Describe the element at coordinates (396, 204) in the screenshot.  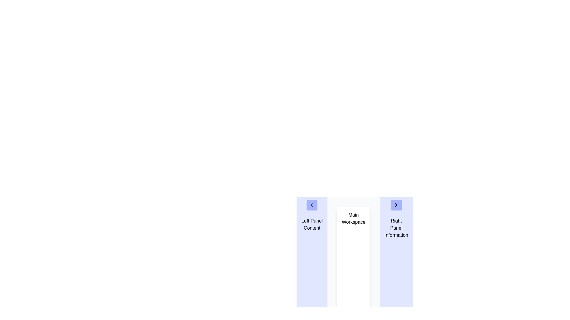
I see `the right arrow icon located at the center of the right panel box` at that location.